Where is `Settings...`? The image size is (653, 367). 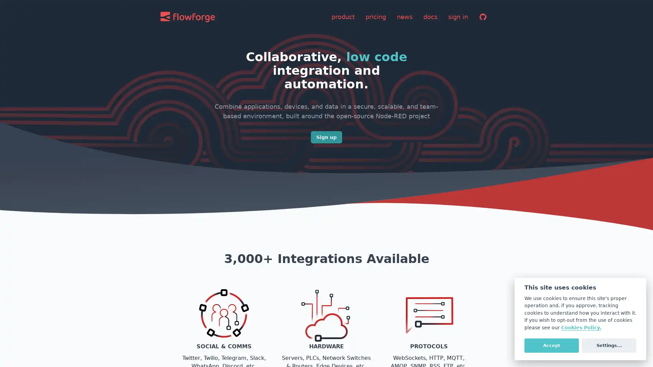
Settings... is located at coordinates (609, 345).